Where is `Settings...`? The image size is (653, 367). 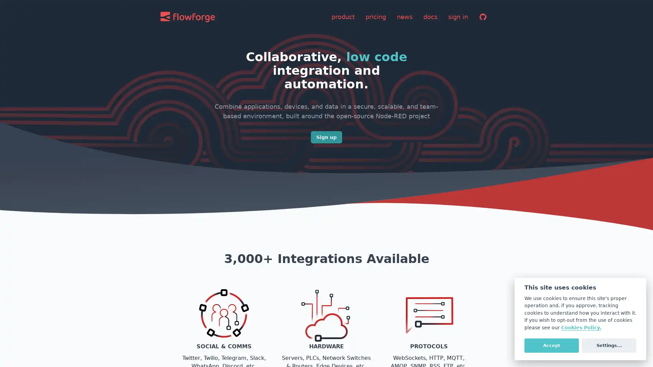
Settings... is located at coordinates (609, 345).